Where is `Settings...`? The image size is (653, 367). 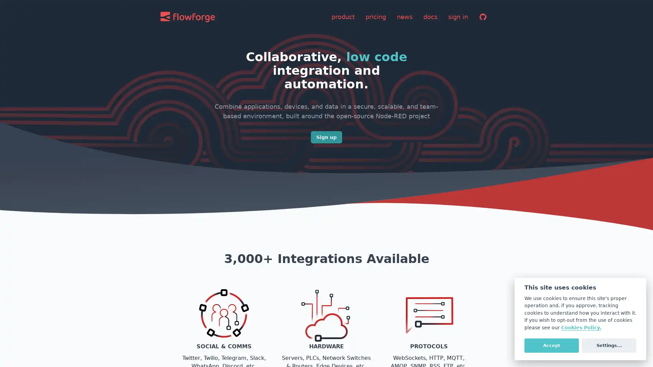
Settings... is located at coordinates (609, 345).